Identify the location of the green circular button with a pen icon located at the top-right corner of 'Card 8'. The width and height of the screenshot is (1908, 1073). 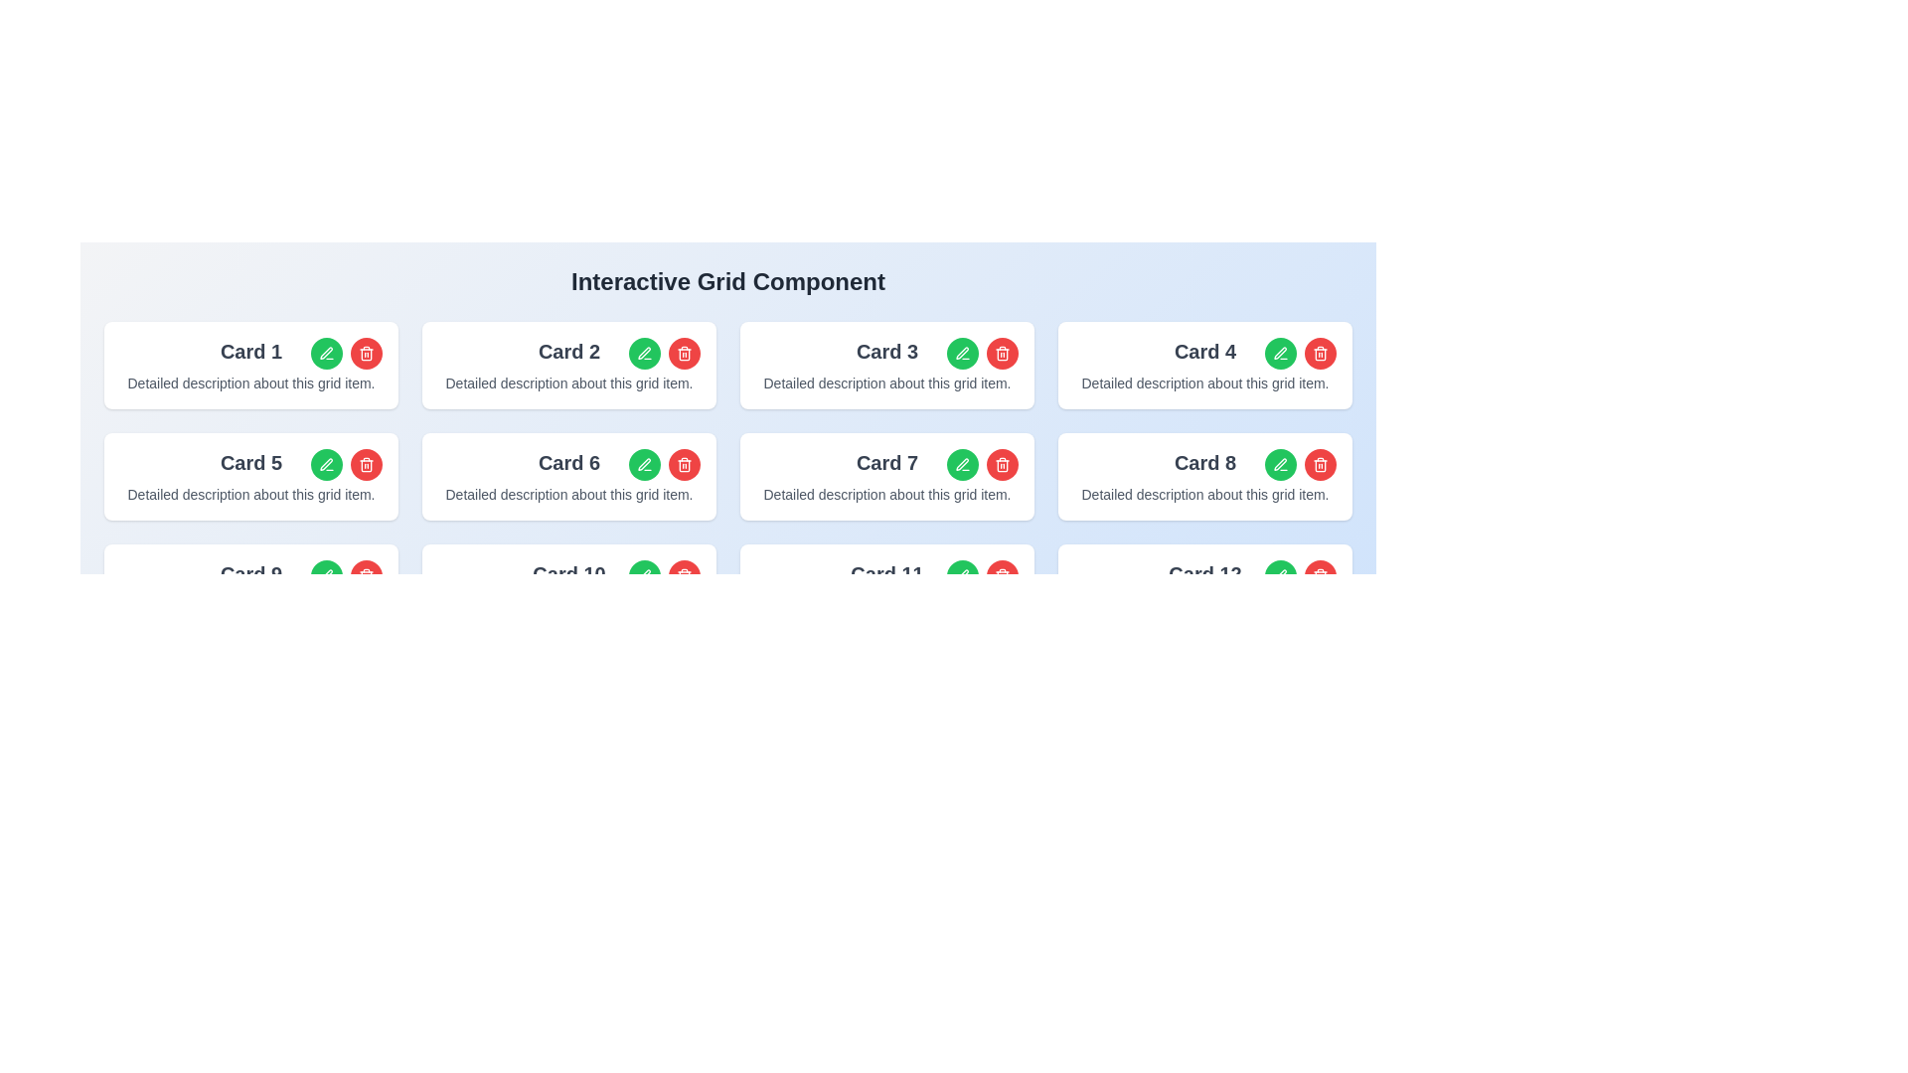
(1281, 464).